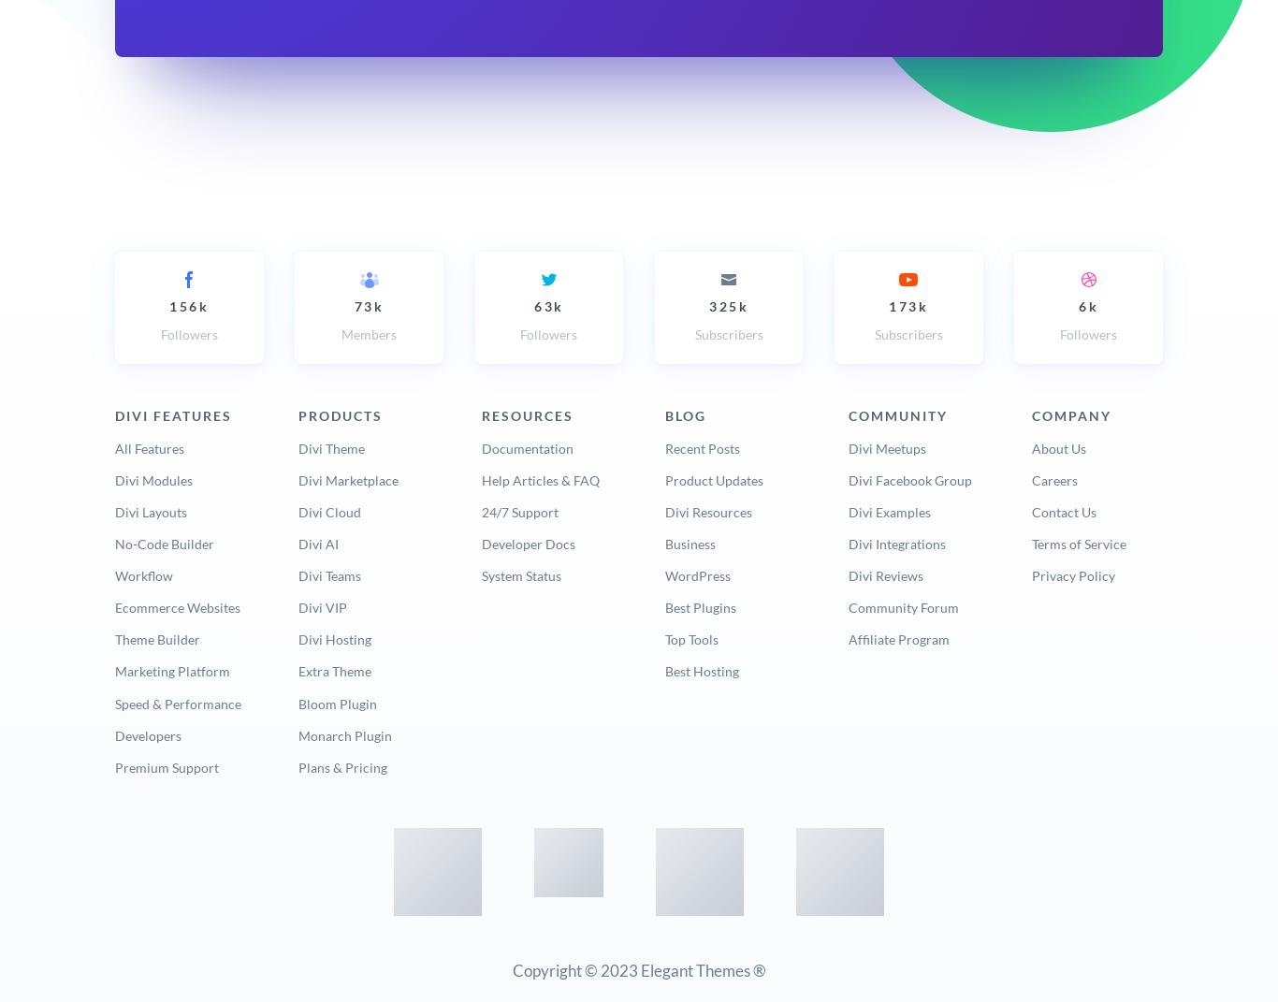 Image resolution: width=1278 pixels, height=1002 pixels. I want to click on 'Top Tools', so click(690, 638).